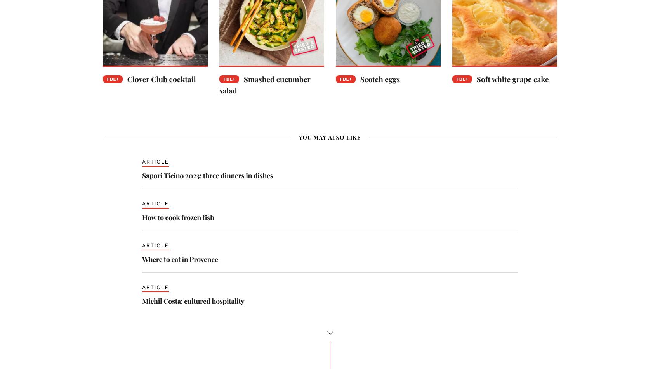 This screenshot has height=369, width=660. Describe the element at coordinates (193, 300) in the screenshot. I see `'Michil Costa: cultured hospitality'` at that location.